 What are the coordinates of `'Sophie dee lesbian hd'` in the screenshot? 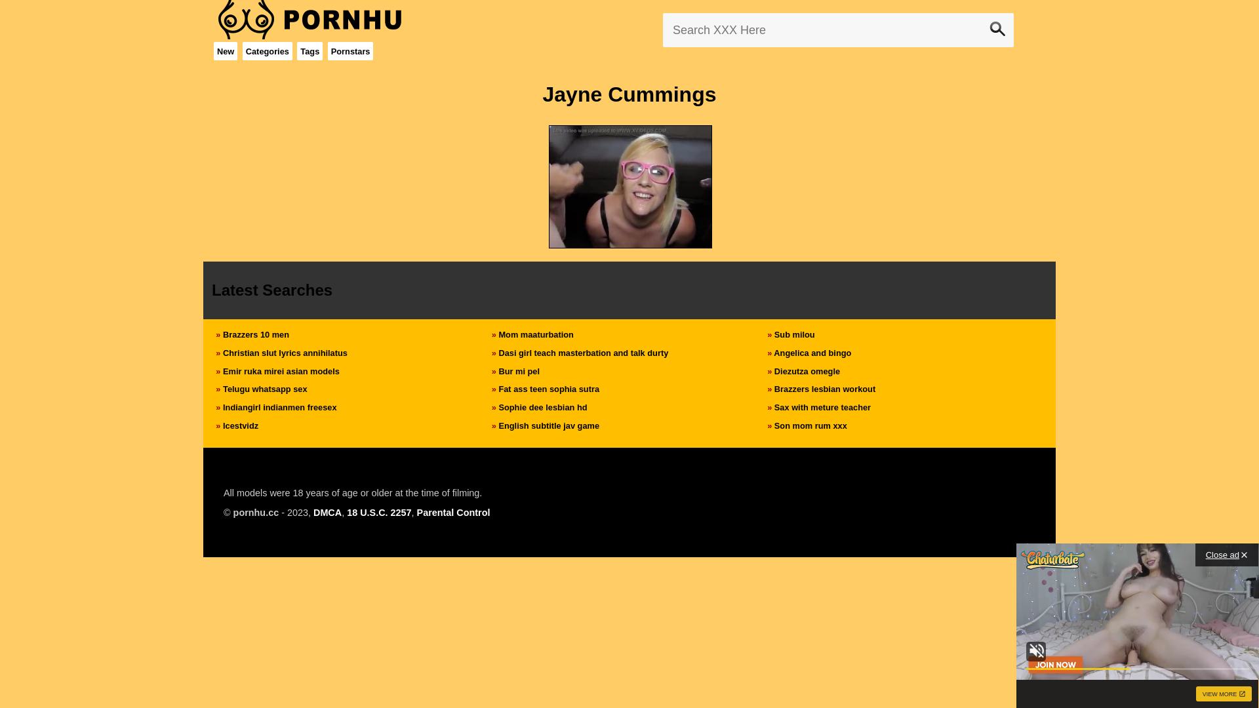 It's located at (542, 406).